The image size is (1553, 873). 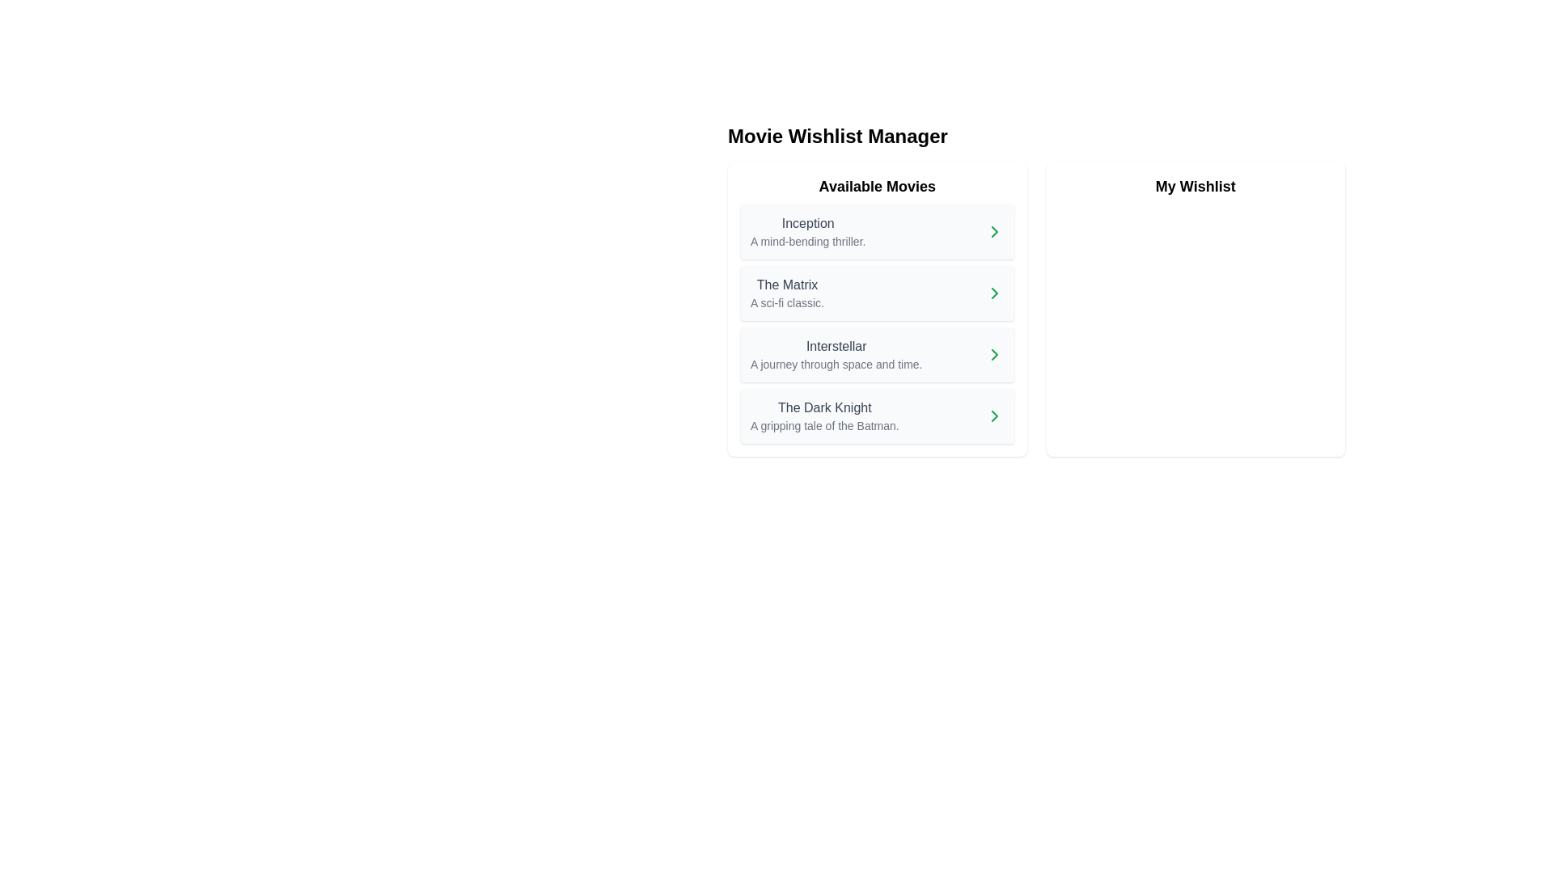 I want to click on the right-facing arrow icon associated with 'The Matrix', so click(x=993, y=293).